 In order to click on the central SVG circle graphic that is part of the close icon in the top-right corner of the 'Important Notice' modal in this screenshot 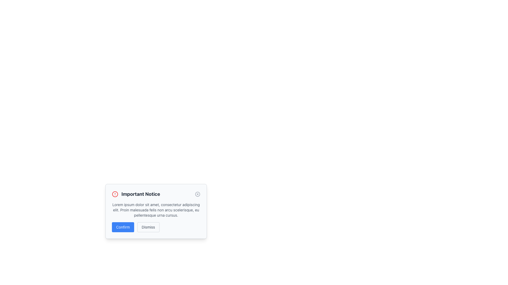, I will do `click(197, 194)`.